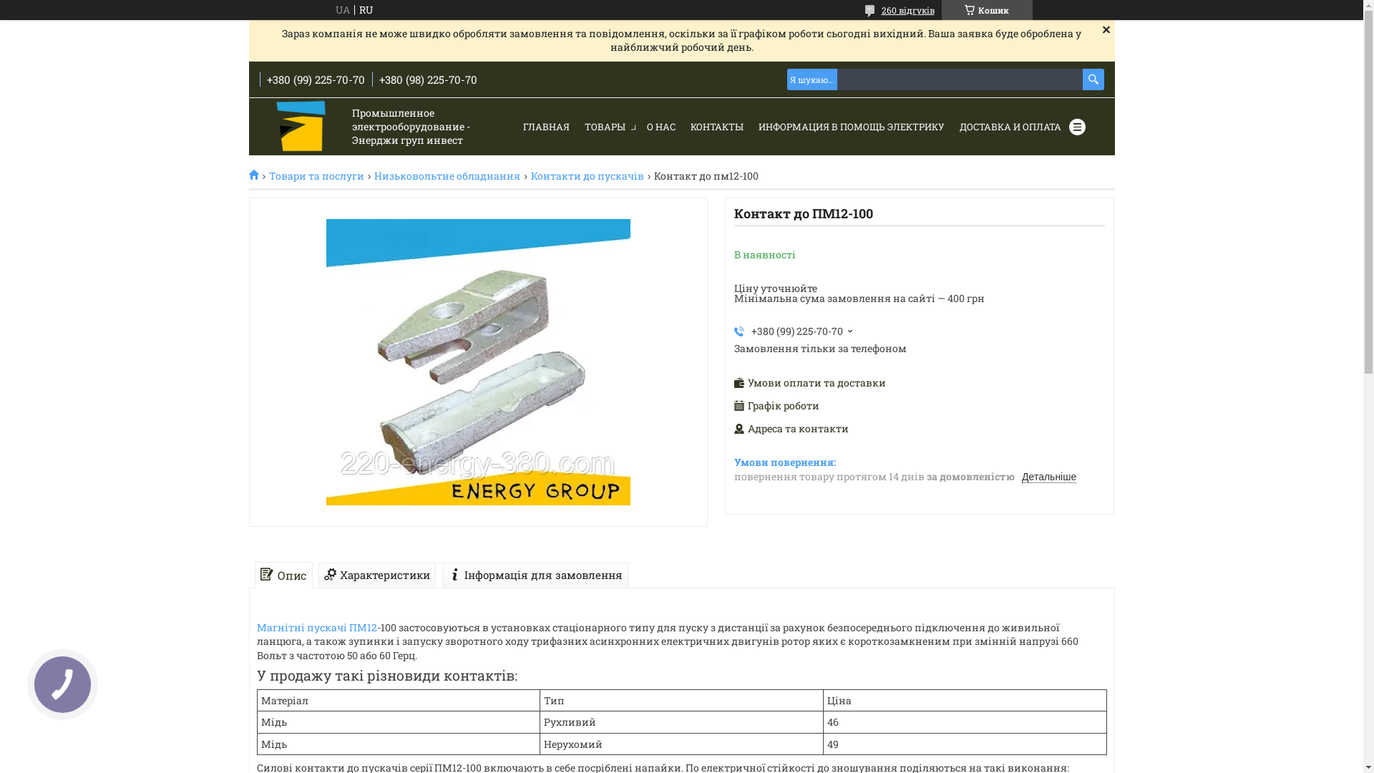 The width and height of the screenshot is (1374, 773). What do you see at coordinates (341, 10) in the screenshot?
I see `'UA'` at bounding box center [341, 10].